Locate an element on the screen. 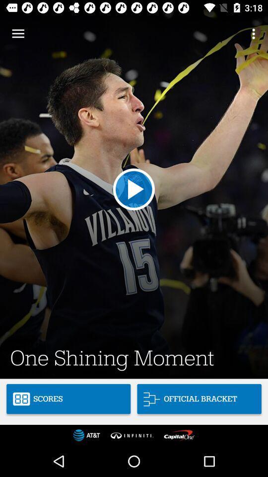 The width and height of the screenshot is (268, 477). item at the top left corner is located at coordinates (18, 34).